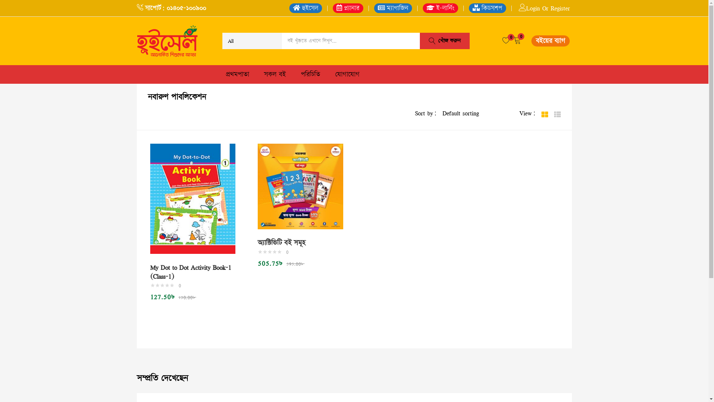 The width and height of the screenshot is (714, 402). Describe the element at coordinates (557, 113) in the screenshot. I see `'List'` at that location.